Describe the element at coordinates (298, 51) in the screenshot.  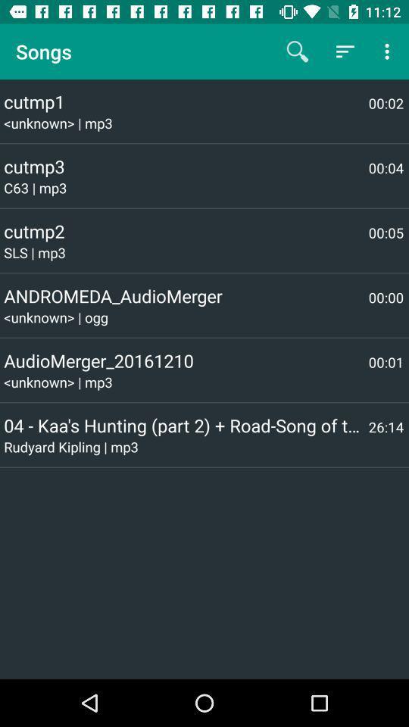
I see `the icon next to songs item` at that location.